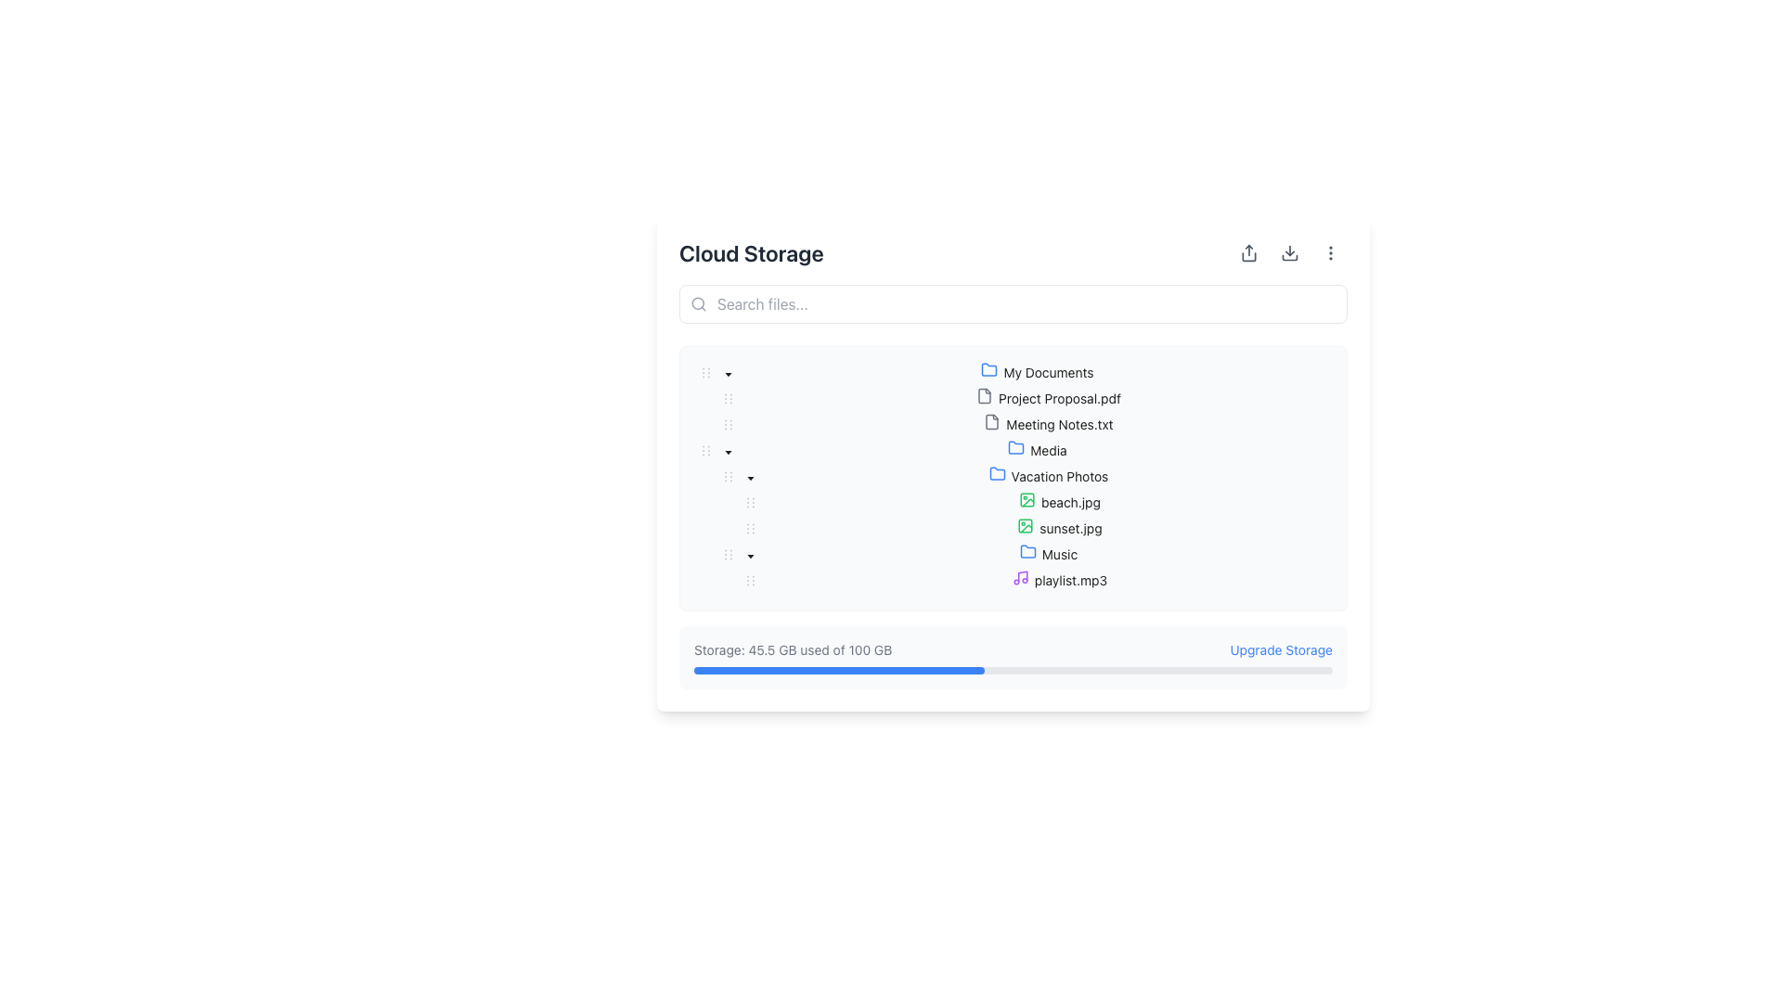 This screenshot has height=1002, width=1782. Describe the element at coordinates (728, 397) in the screenshot. I see `the draggable handle icon located on the left side of a folder or file entry` at that location.